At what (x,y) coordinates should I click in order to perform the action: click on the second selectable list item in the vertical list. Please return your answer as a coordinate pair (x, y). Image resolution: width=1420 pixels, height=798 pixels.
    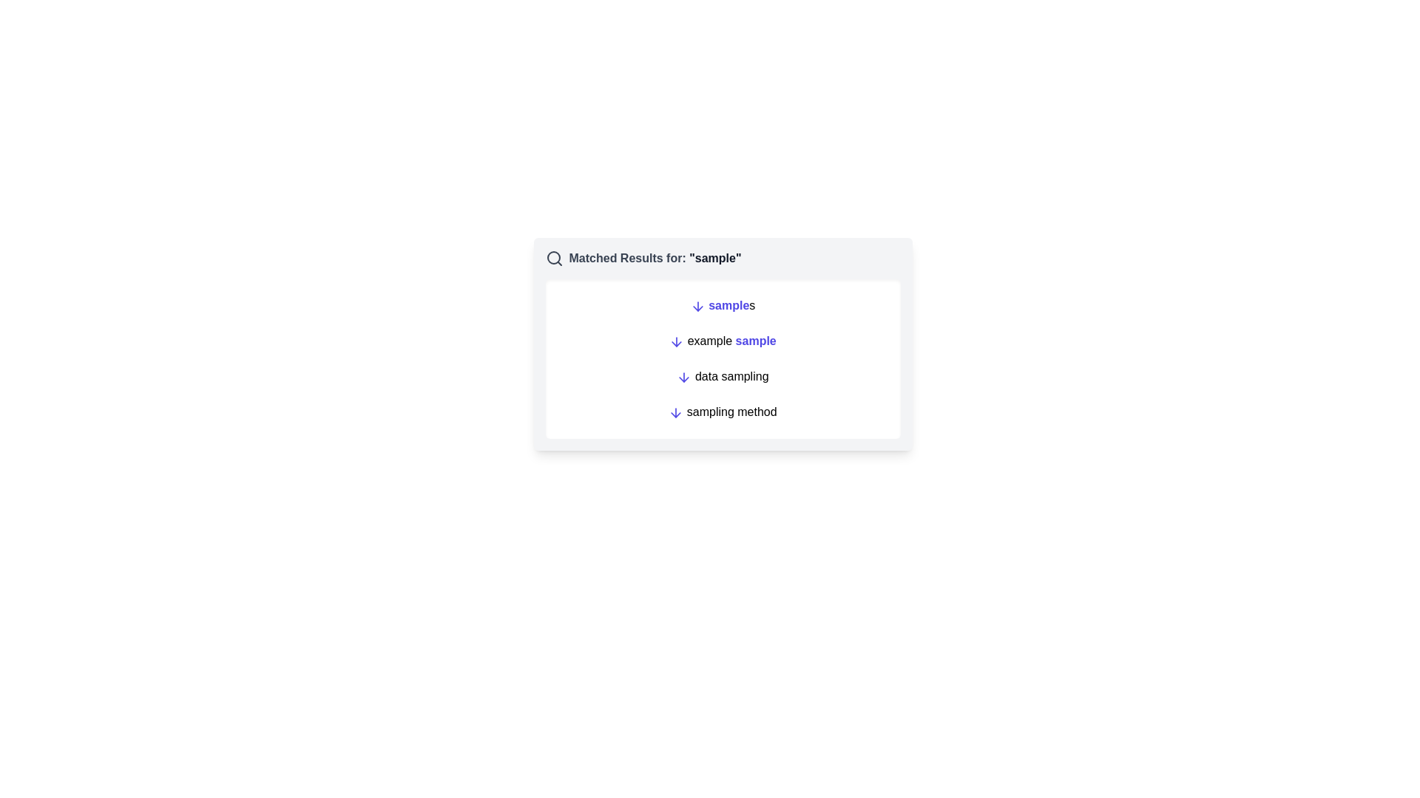
    Looking at the image, I should click on (723, 341).